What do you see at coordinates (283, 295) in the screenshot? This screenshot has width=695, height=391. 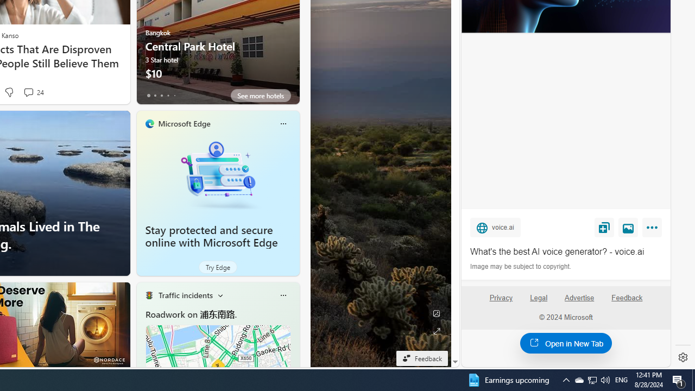 I see `'Class: icon-img'` at bounding box center [283, 295].